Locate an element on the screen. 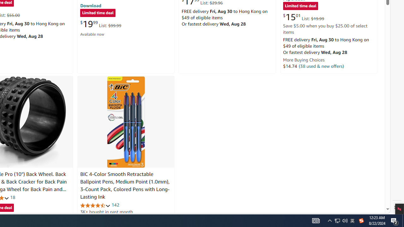 This screenshot has height=227, width=404. '142' is located at coordinates (115, 205).